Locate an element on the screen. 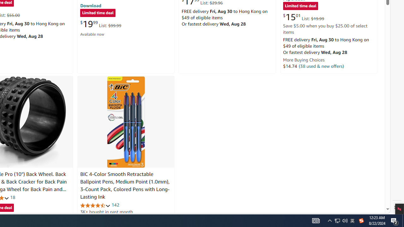 This screenshot has height=227, width=404. '142' is located at coordinates (115, 205).